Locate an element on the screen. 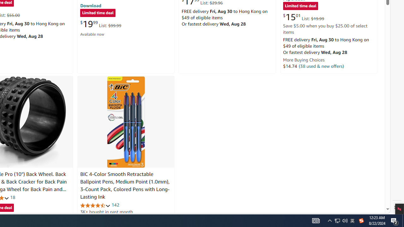 This screenshot has height=227, width=404. '142' is located at coordinates (115, 205).